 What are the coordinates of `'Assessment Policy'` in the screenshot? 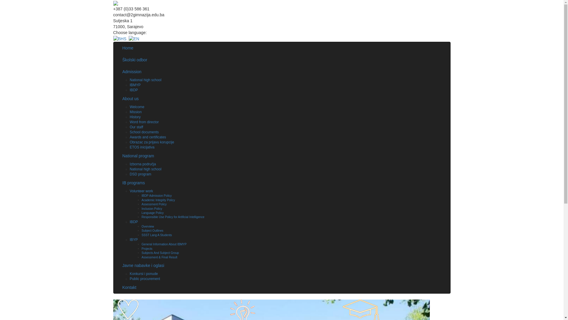 It's located at (154, 204).